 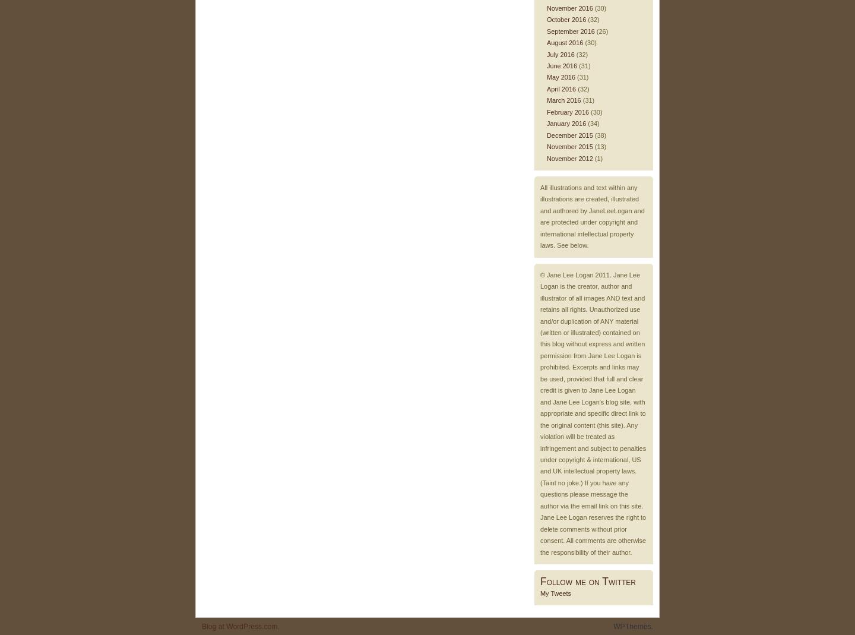 I want to click on 'April 2016', so click(x=560, y=89).